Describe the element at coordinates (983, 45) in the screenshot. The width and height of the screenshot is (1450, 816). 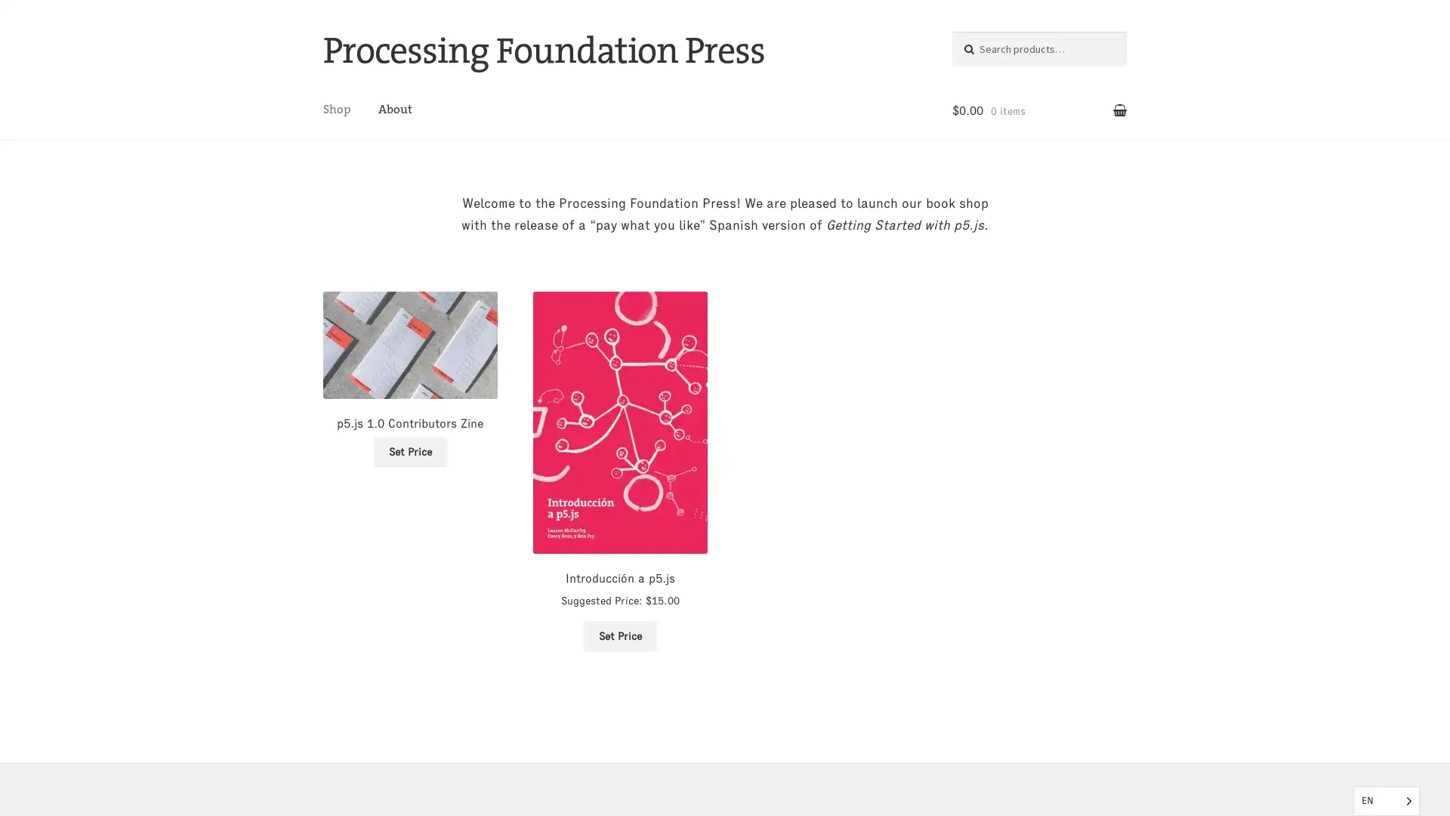
I see `Search` at that location.